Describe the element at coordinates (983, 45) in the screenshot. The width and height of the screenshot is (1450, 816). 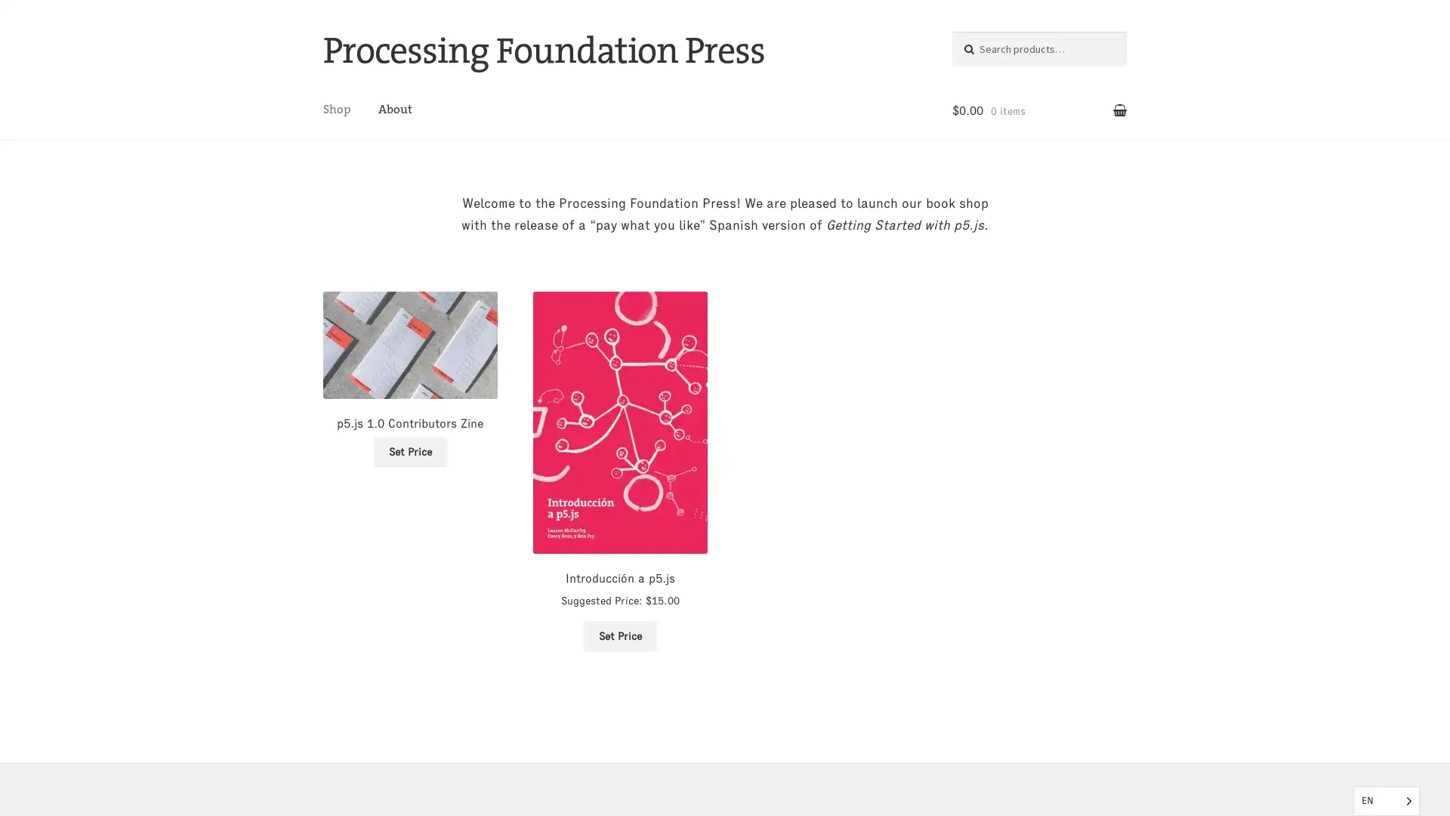
I see `Search` at that location.